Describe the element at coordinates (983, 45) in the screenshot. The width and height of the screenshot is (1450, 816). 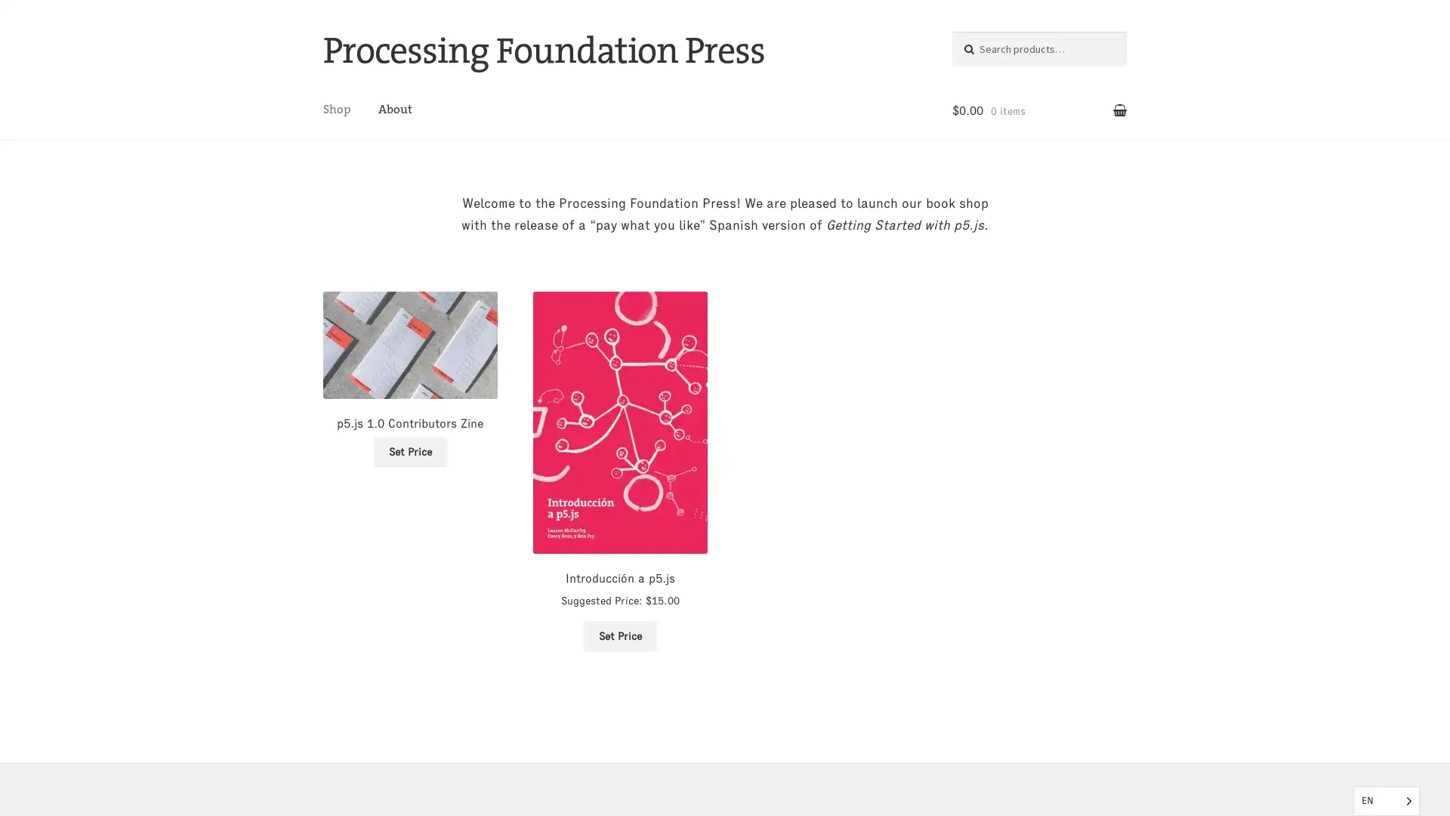
I see `Search` at that location.